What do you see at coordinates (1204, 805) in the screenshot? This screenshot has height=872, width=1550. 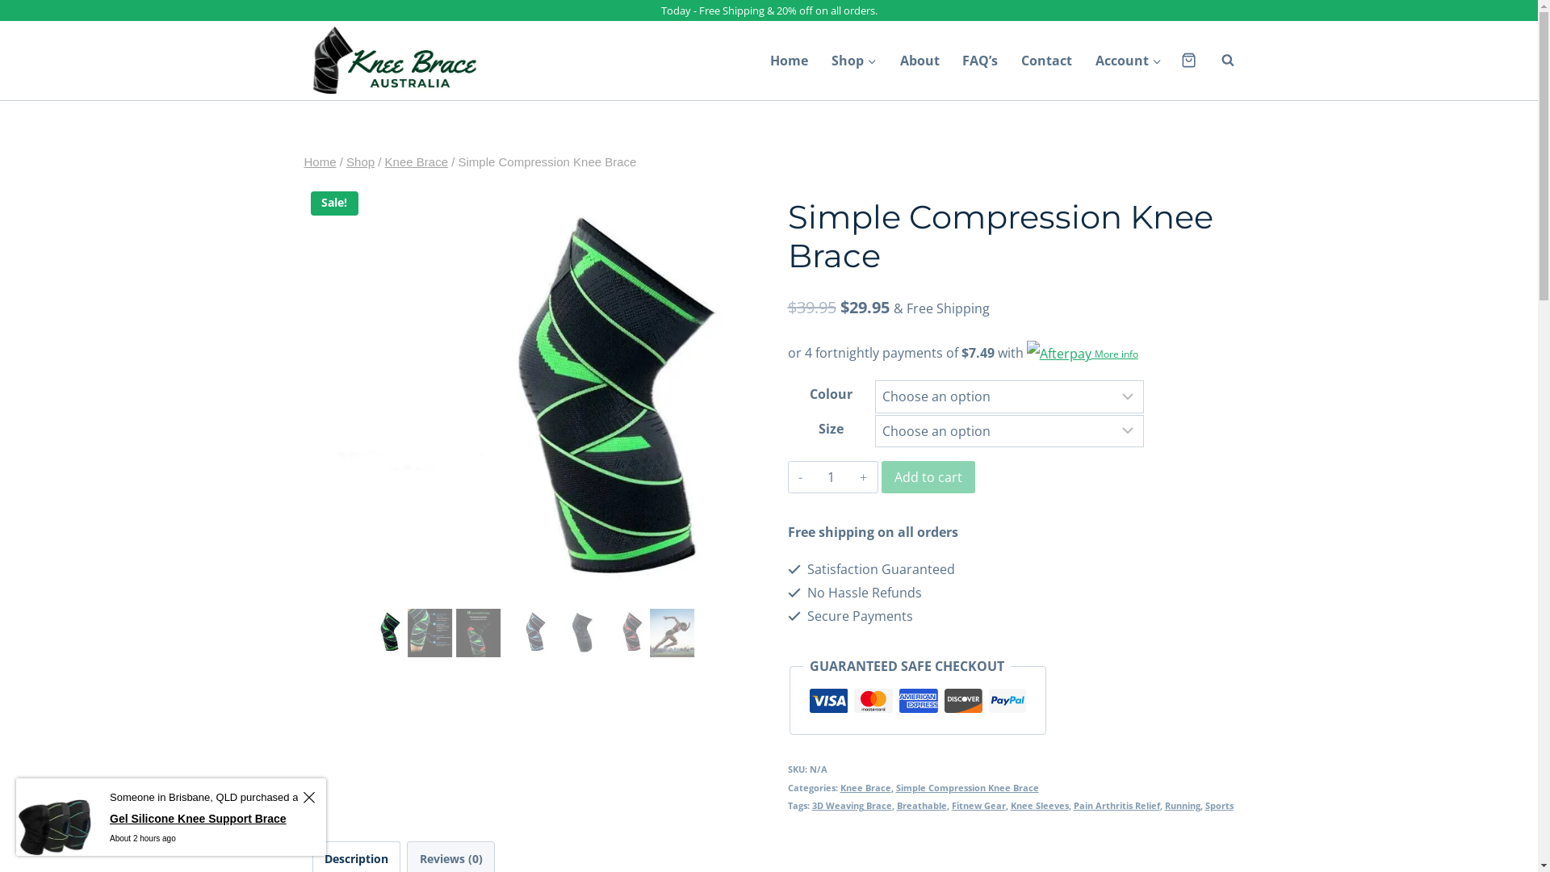 I see `'Sports'` at bounding box center [1204, 805].